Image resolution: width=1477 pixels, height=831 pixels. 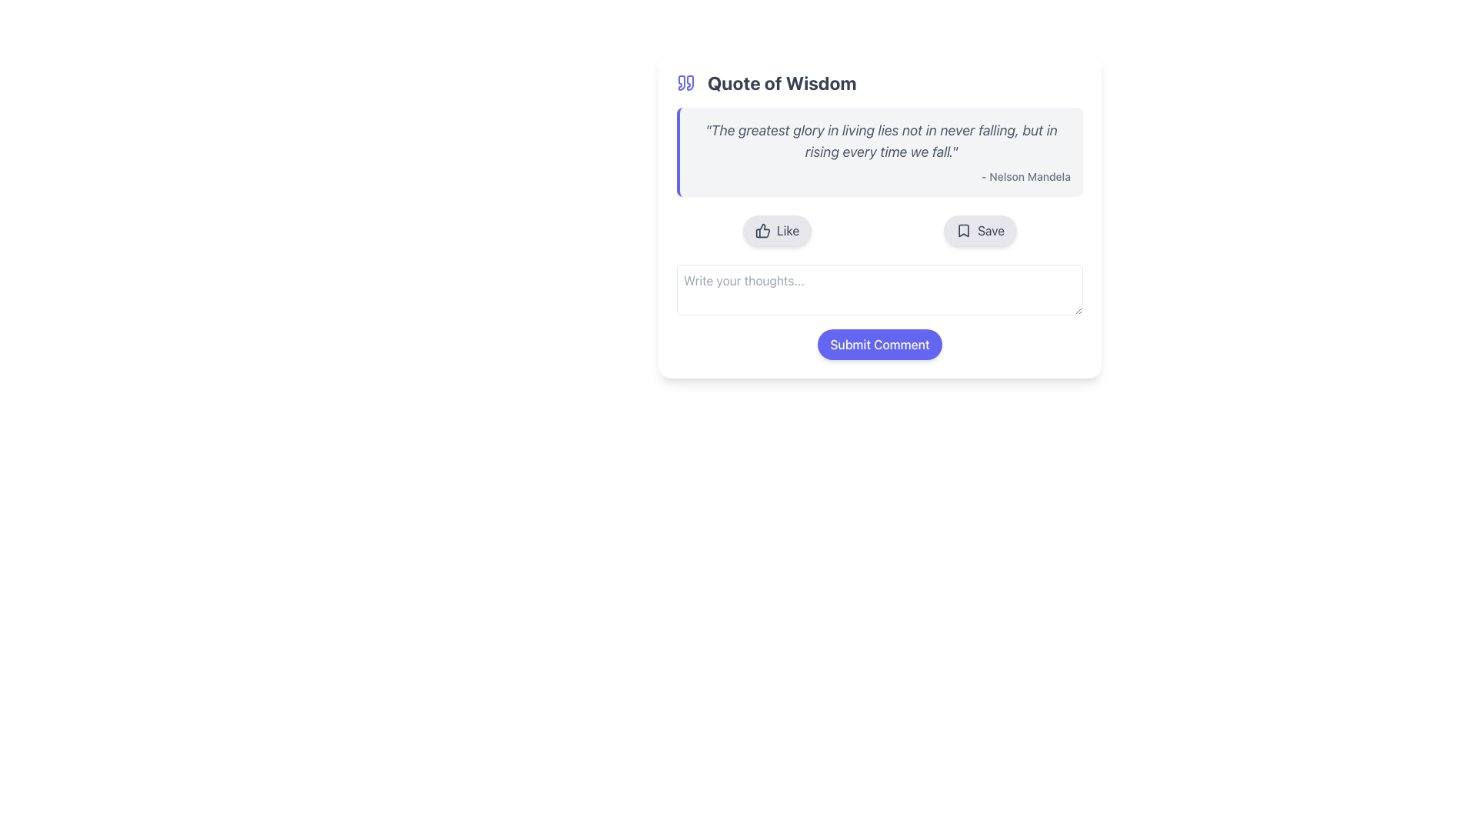 What do you see at coordinates (762, 231) in the screenshot?
I see `the thumbs-up icon located on the left-hand side of the 'Like' button group below the quote text` at bounding box center [762, 231].